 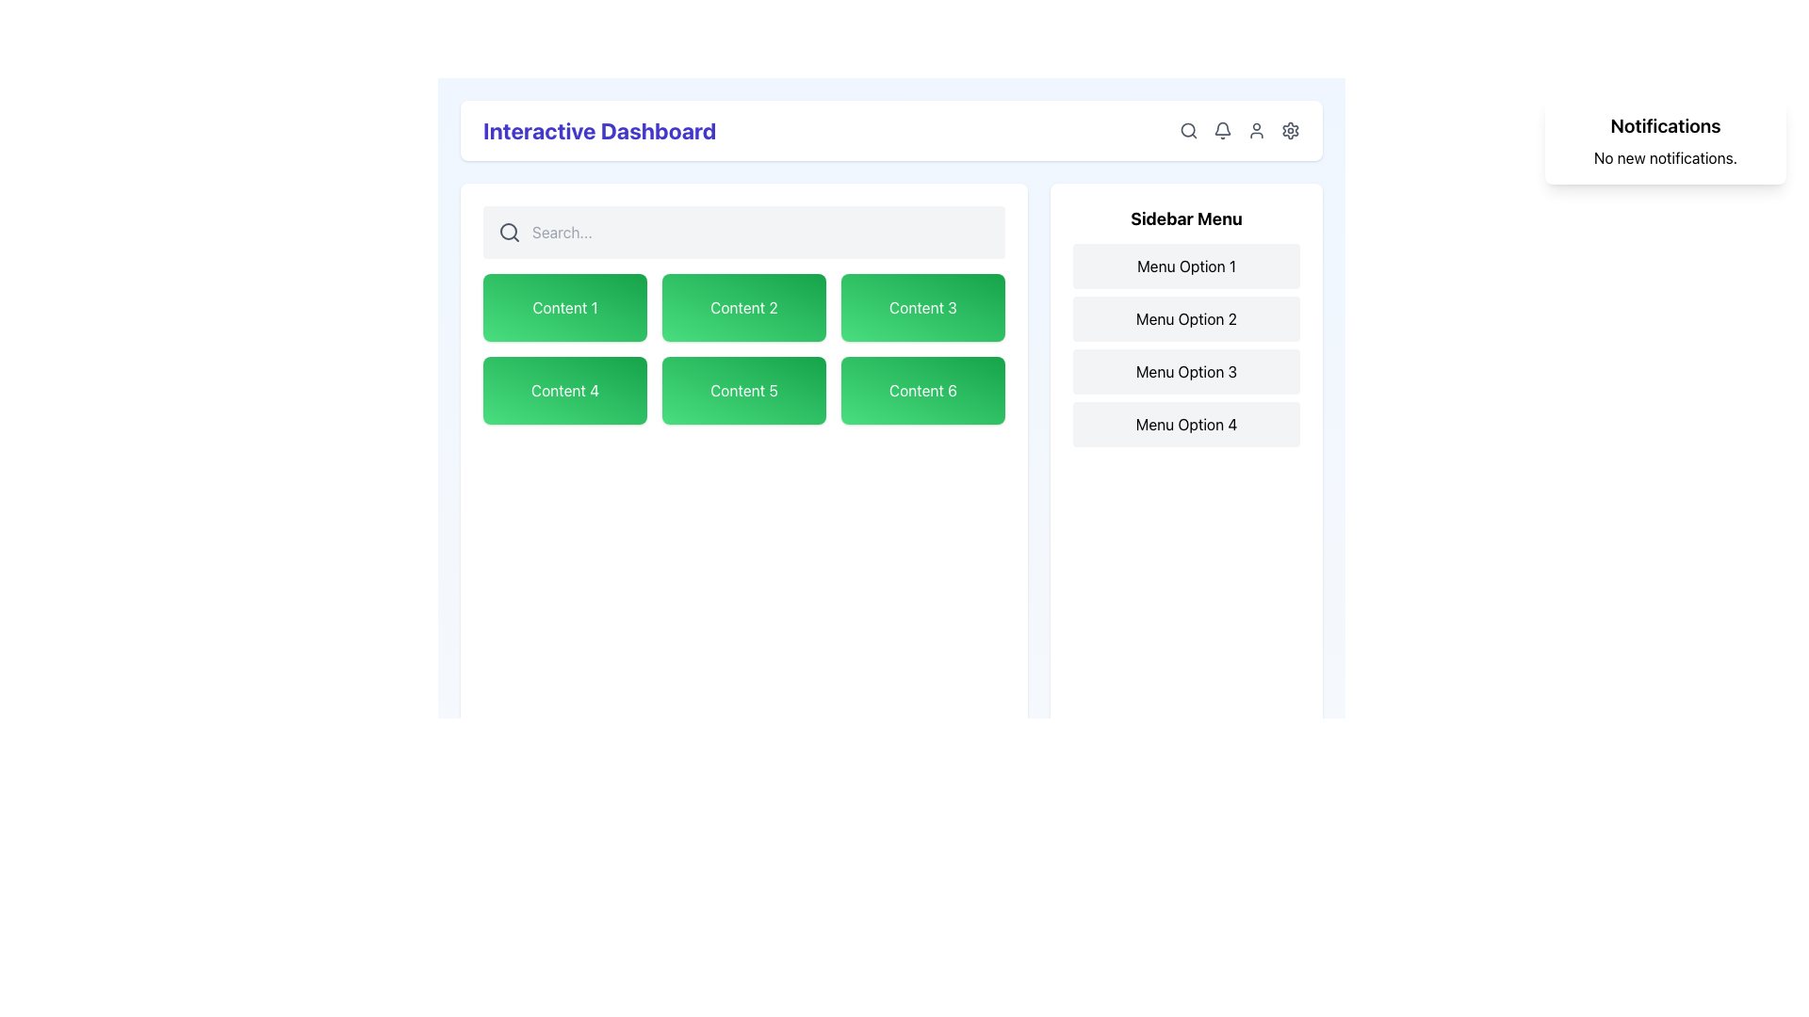 What do you see at coordinates (564, 390) in the screenshot?
I see `the green card with a gradient that contains the text 'Content 4', located in the second row, first column of the grid layout` at bounding box center [564, 390].